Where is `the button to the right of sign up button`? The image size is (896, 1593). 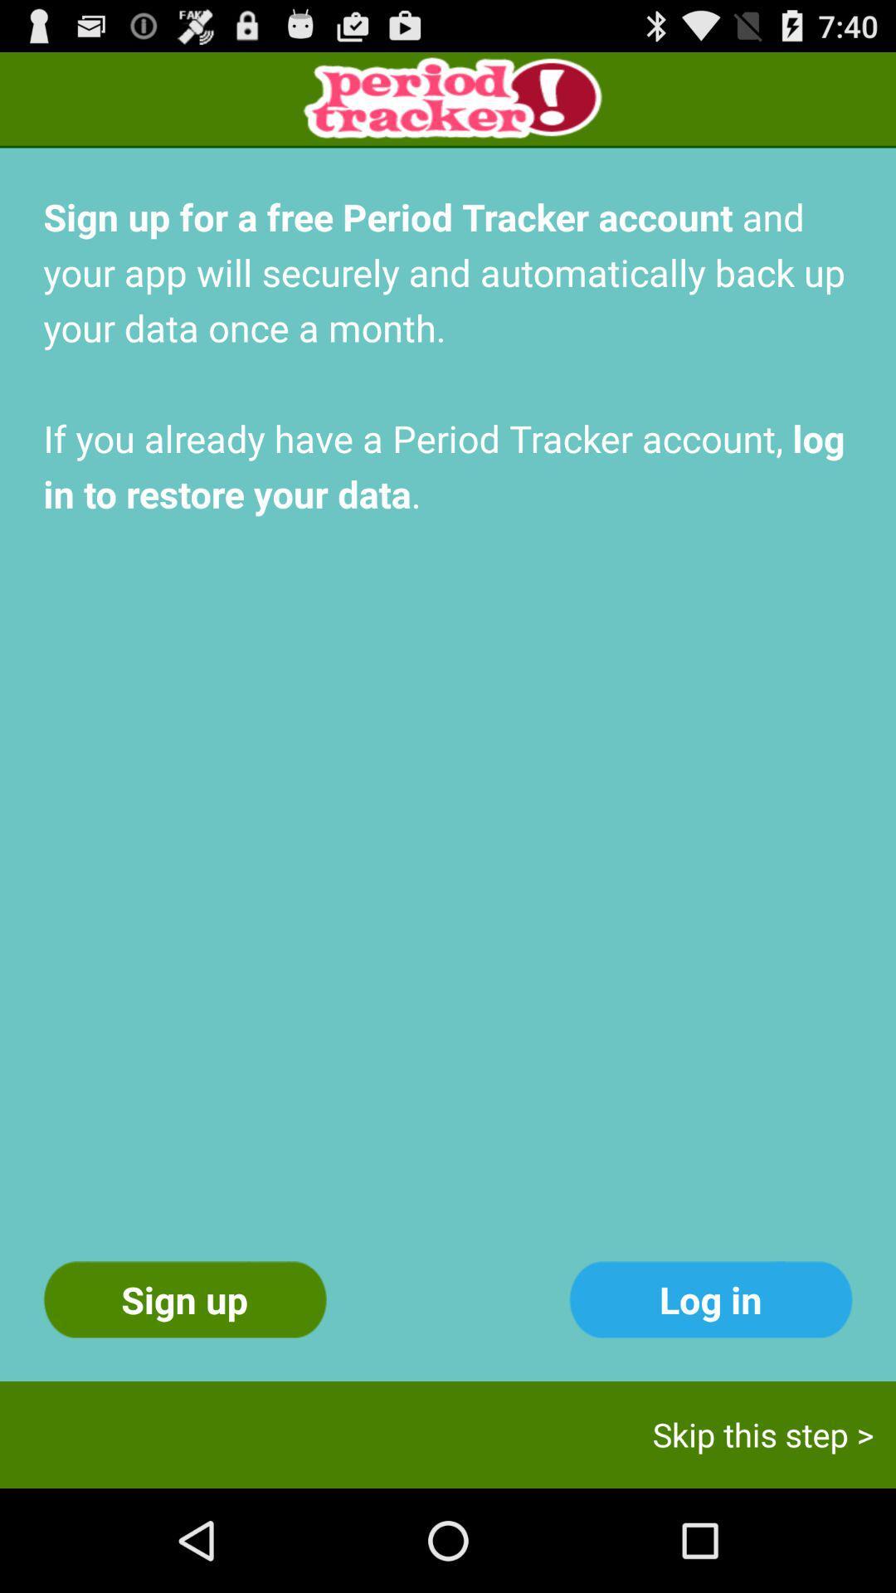 the button to the right of sign up button is located at coordinates (709, 1298).